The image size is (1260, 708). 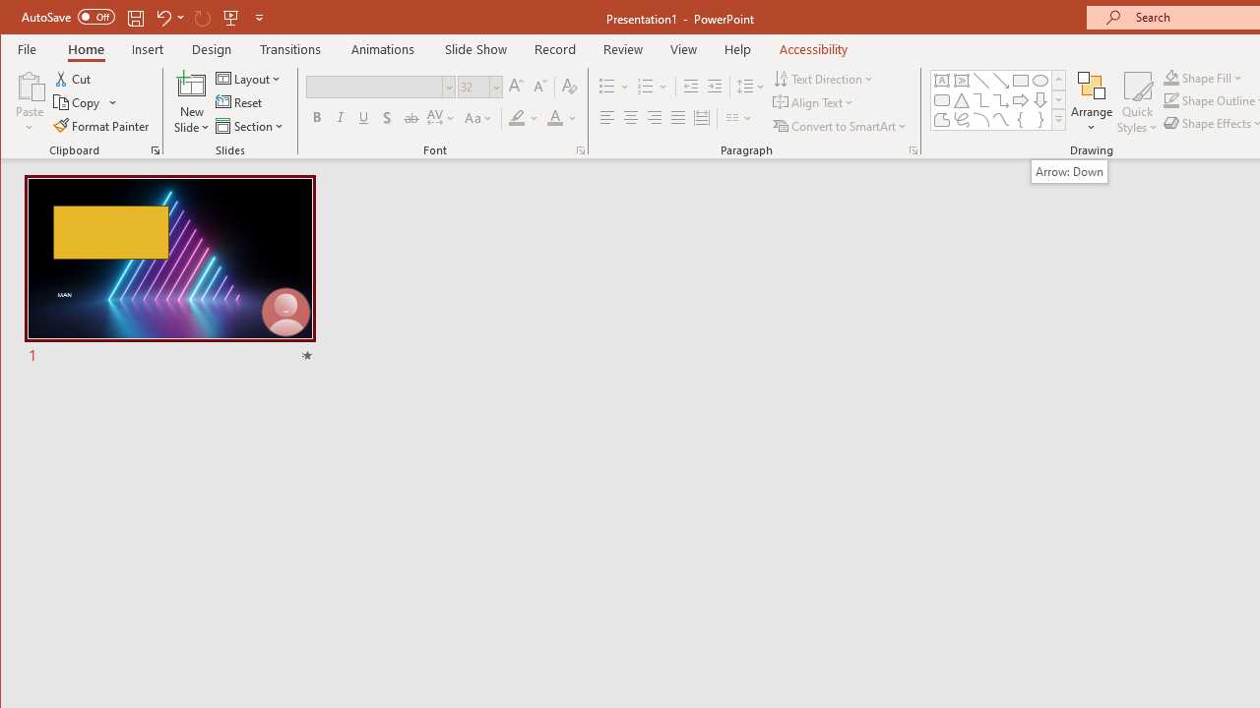 I want to click on 'Vertical Text Box', so click(x=961, y=80).